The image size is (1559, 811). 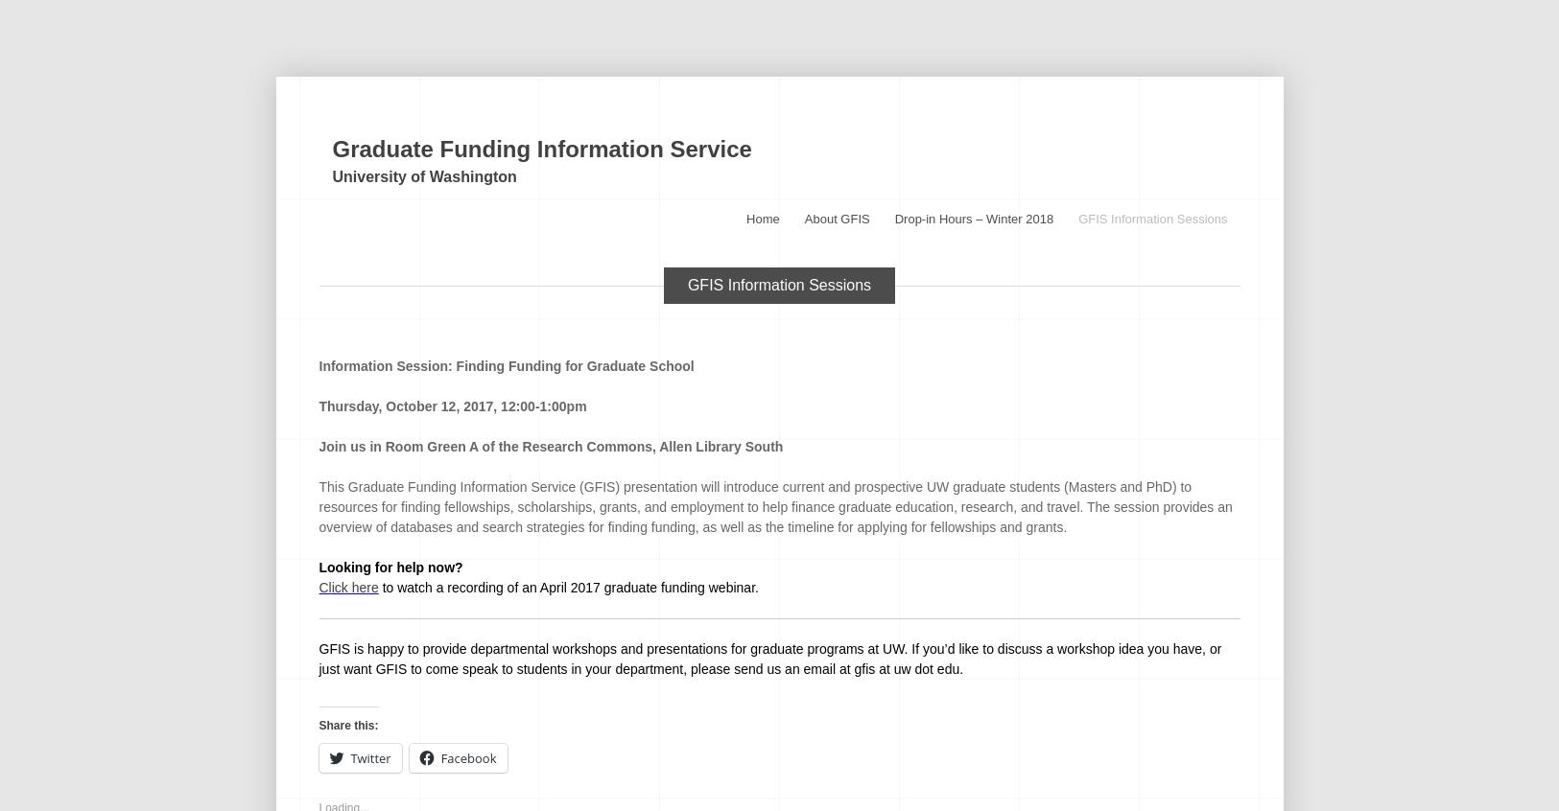 I want to click on 'Click here', so click(x=347, y=587).